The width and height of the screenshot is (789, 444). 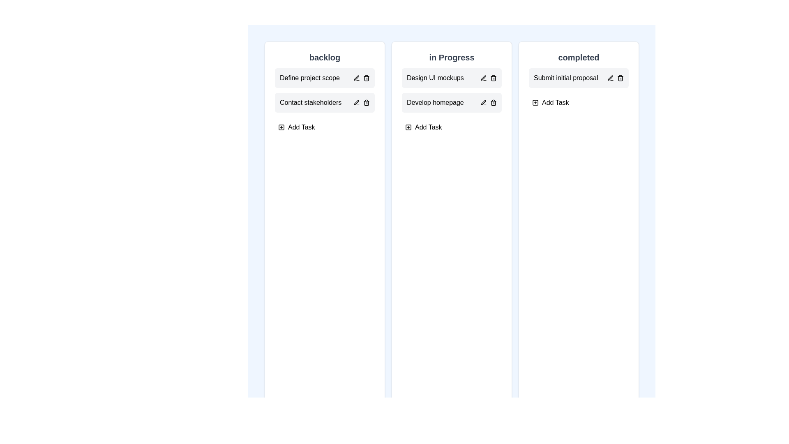 What do you see at coordinates (357, 102) in the screenshot?
I see `the edit icon of the task 'Contact stakeholders' in the 'backlog' column` at bounding box center [357, 102].